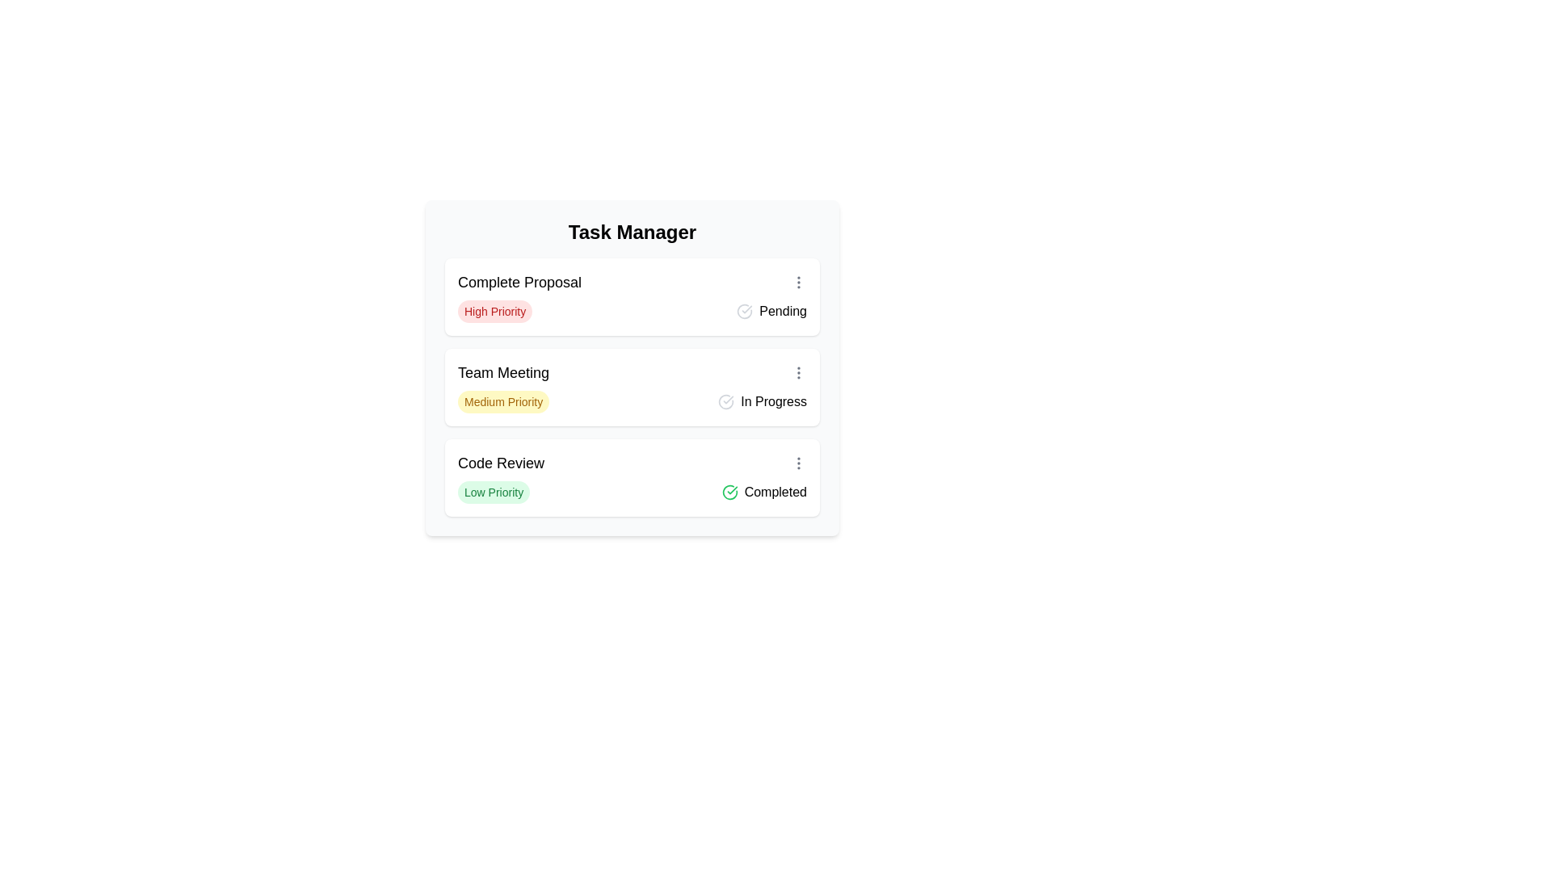  I want to click on the non-interactive text label indicating the current status of the task located in the upper-right corner of the task item labeled 'Complete Proposal', so click(783, 311).